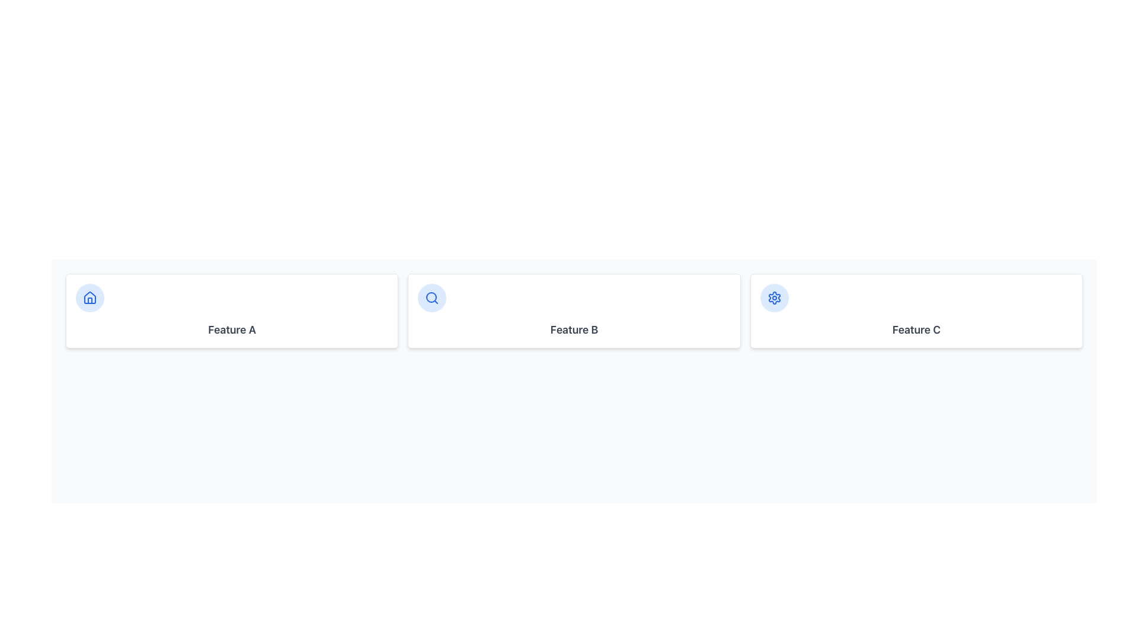  Describe the element at coordinates (232, 329) in the screenshot. I see `the text label that reads 'Feature A', which is styled in bold dark gray font and located at the lower section of the leftmost card in a row of three cards` at that location.